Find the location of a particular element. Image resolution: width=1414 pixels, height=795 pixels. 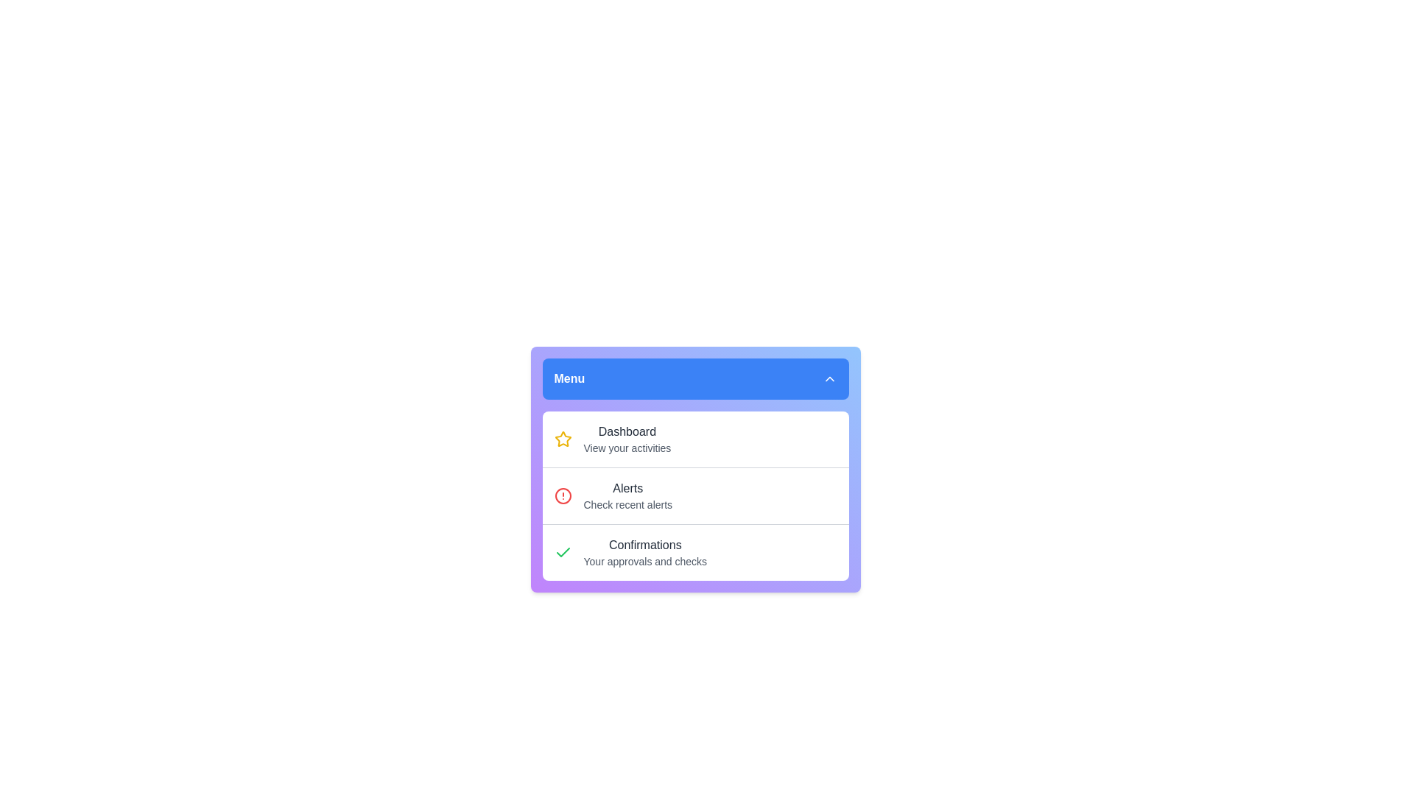

the blue 'Menu' button with rounded corners at the top of the menu component to activate options immediately is located at coordinates (694, 378).